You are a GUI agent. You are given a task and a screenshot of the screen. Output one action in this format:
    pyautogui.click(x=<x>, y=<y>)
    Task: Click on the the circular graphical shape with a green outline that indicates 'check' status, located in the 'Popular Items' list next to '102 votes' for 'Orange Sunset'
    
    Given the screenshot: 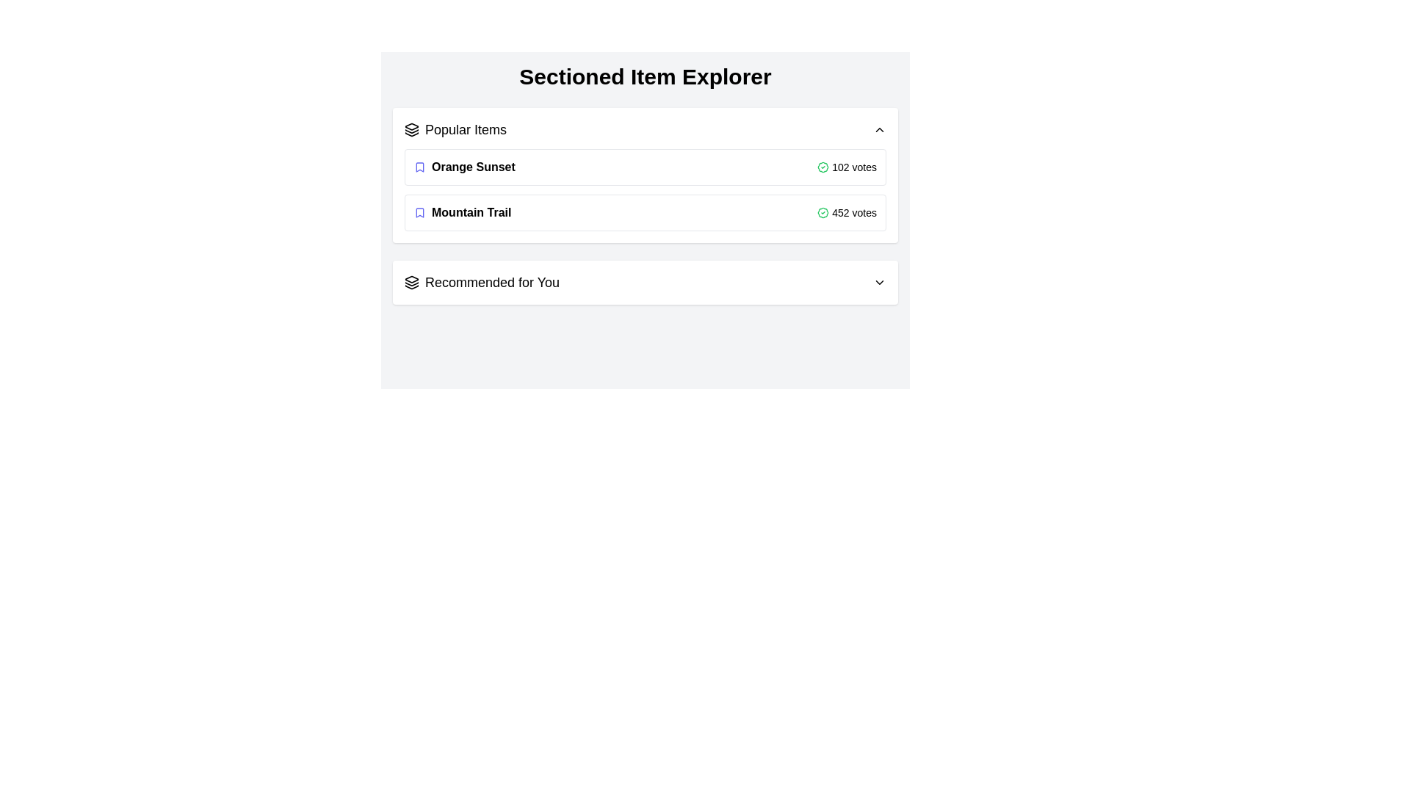 What is the action you would take?
    pyautogui.click(x=823, y=212)
    